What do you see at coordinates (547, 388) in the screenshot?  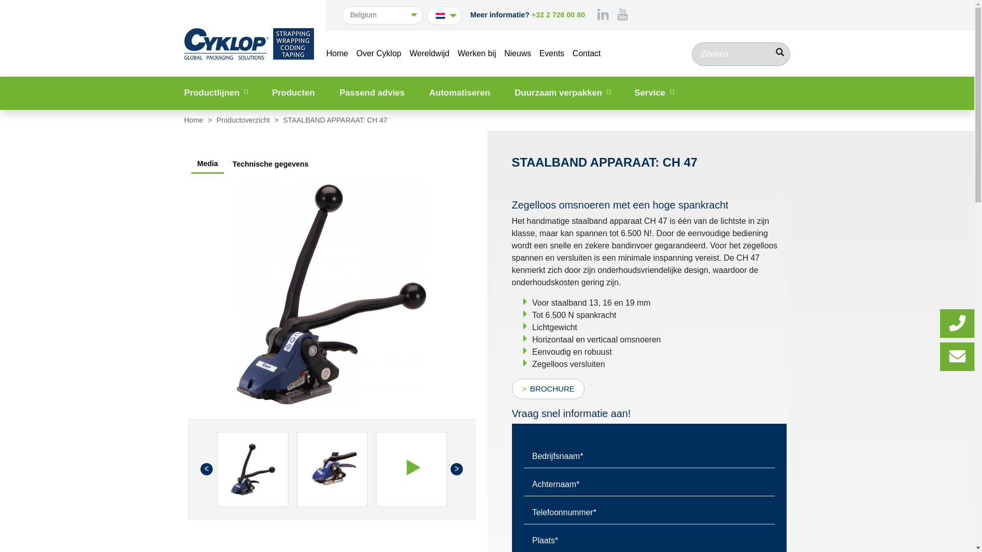 I see `'BROCHURE'` at bounding box center [547, 388].